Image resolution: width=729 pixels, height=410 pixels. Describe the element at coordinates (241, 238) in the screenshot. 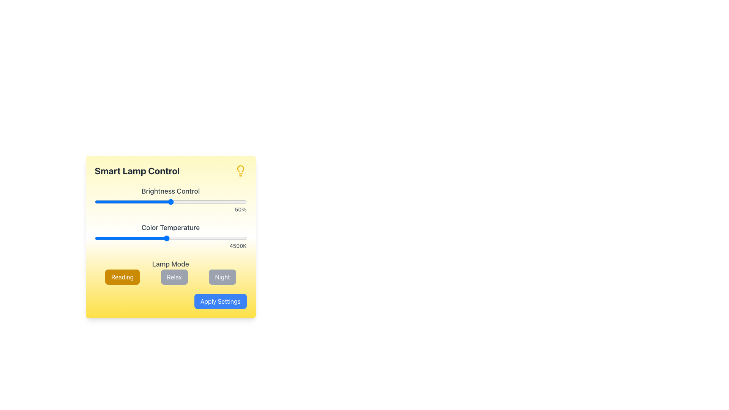

I see `the color temperature` at that location.